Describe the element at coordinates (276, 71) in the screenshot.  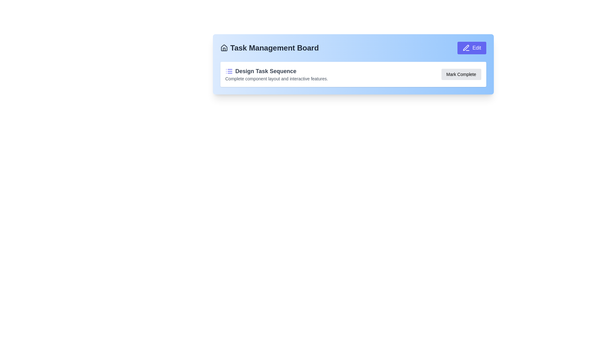
I see `the Text header with an icon that provides the title 'Complete component layout and interactive features.' in the Task Management Board section` at that location.